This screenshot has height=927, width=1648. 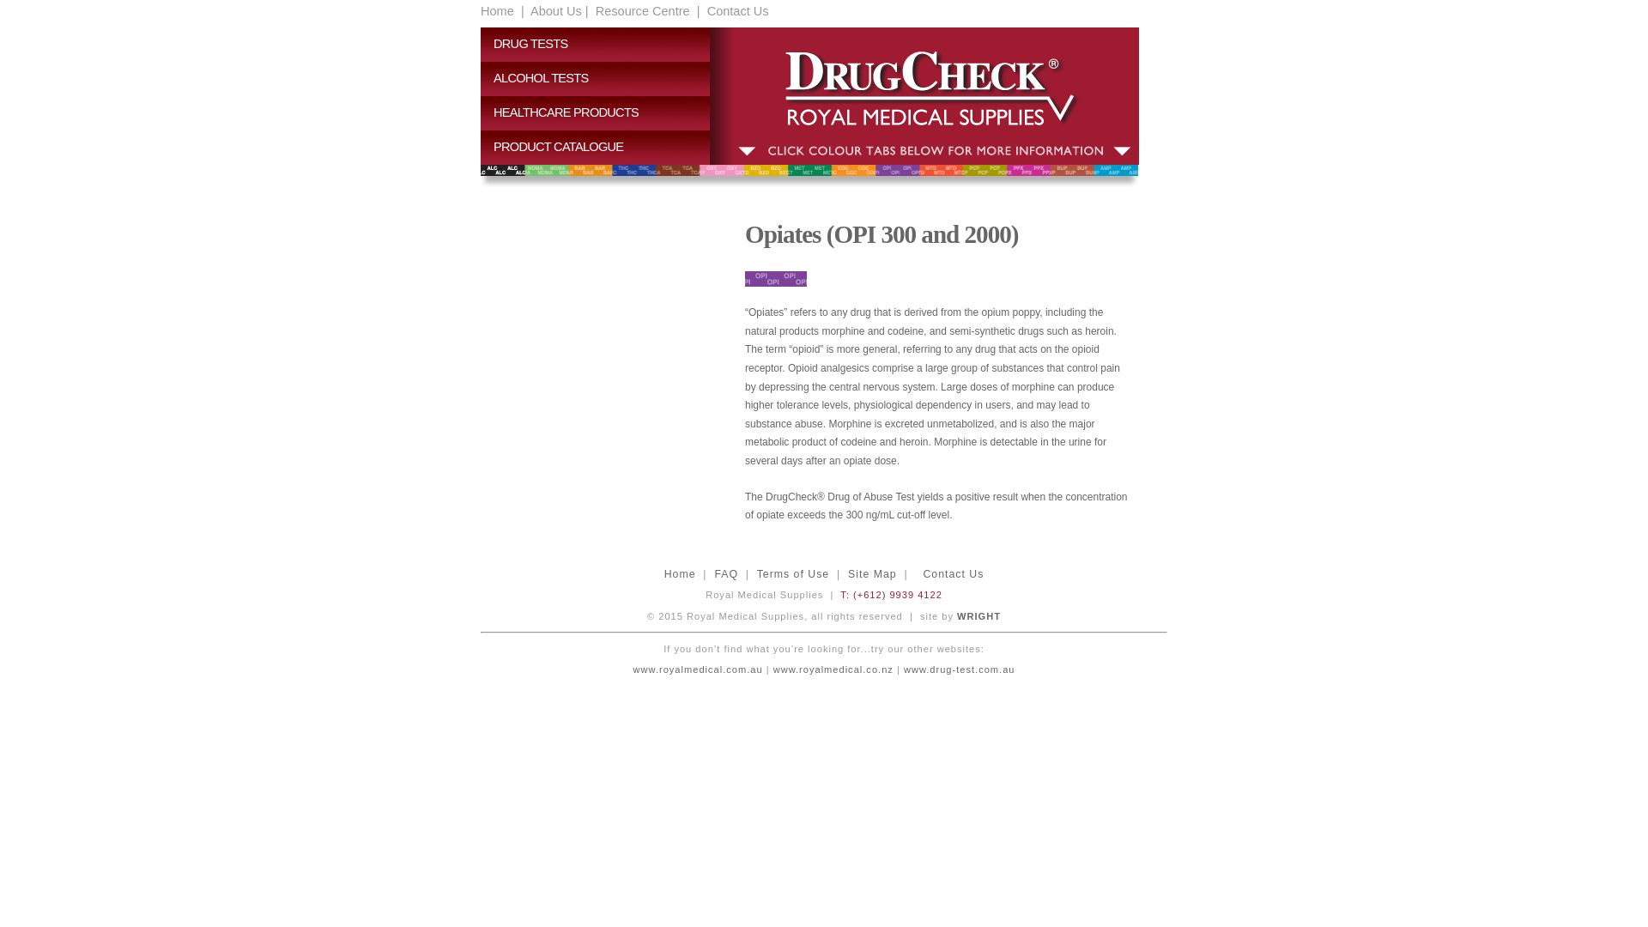 What do you see at coordinates (645, 10) in the screenshot?
I see `' Resource Centre  |'` at bounding box center [645, 10].